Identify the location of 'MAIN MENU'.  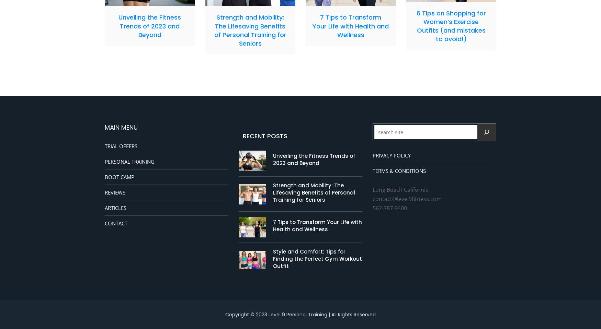
(121, 127).